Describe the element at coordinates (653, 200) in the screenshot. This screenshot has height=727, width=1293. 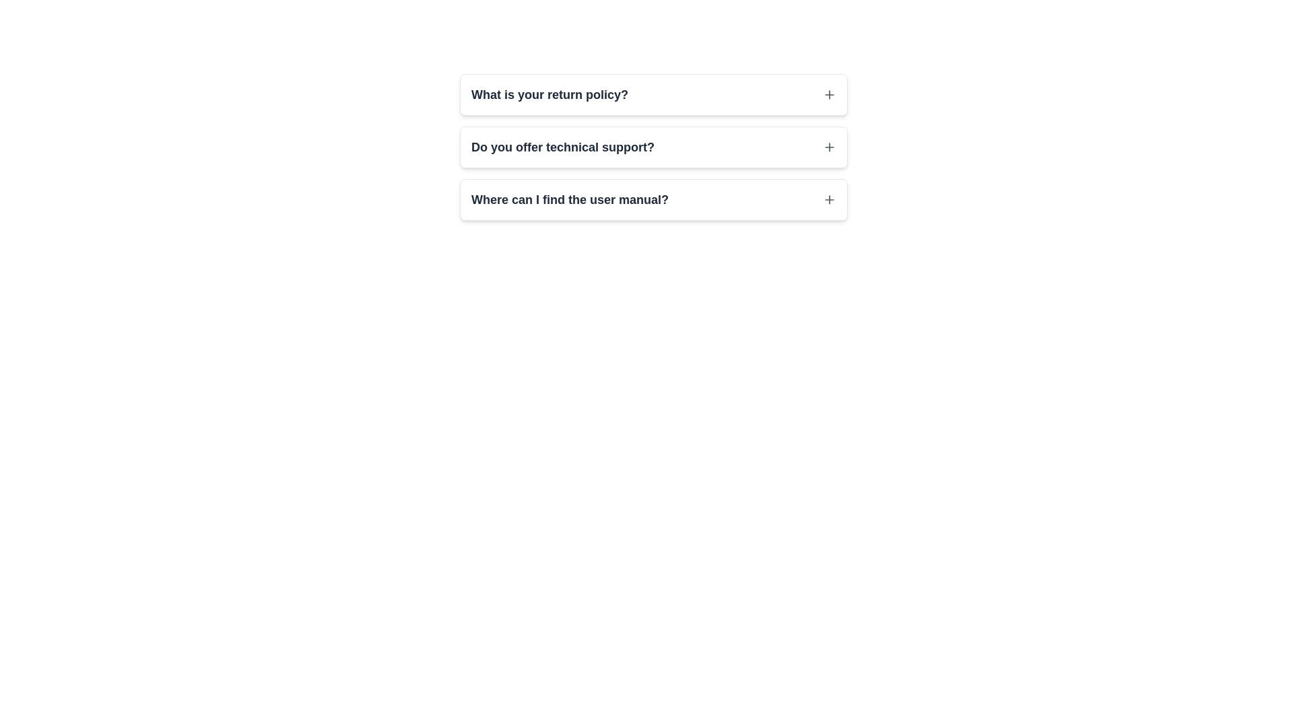
I see `the bottom-most Collapsible question item in the FAQ section` at that location.